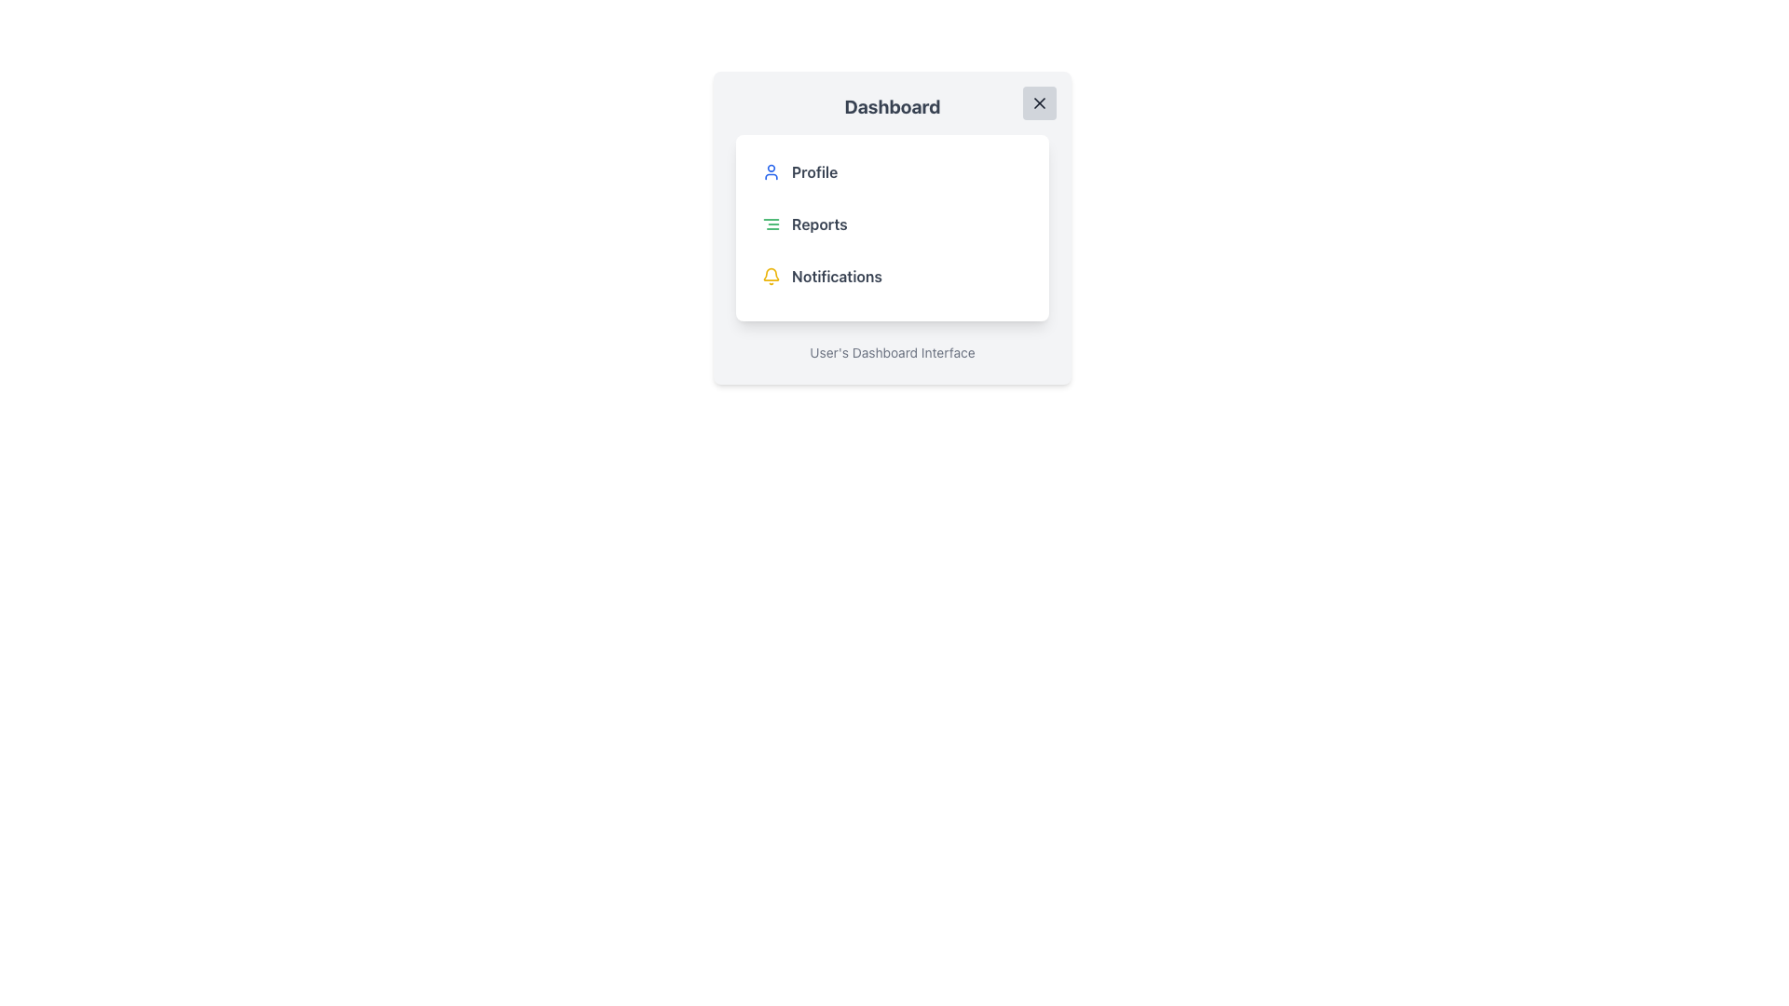  What do you see at coordinates (892, 227) in the screenshot?
I see `the navigational button labeled 'Reports', which is positioned slightly below the title 'Dashboard' and is the second item in the list structure` at bounding box center [892, 227].